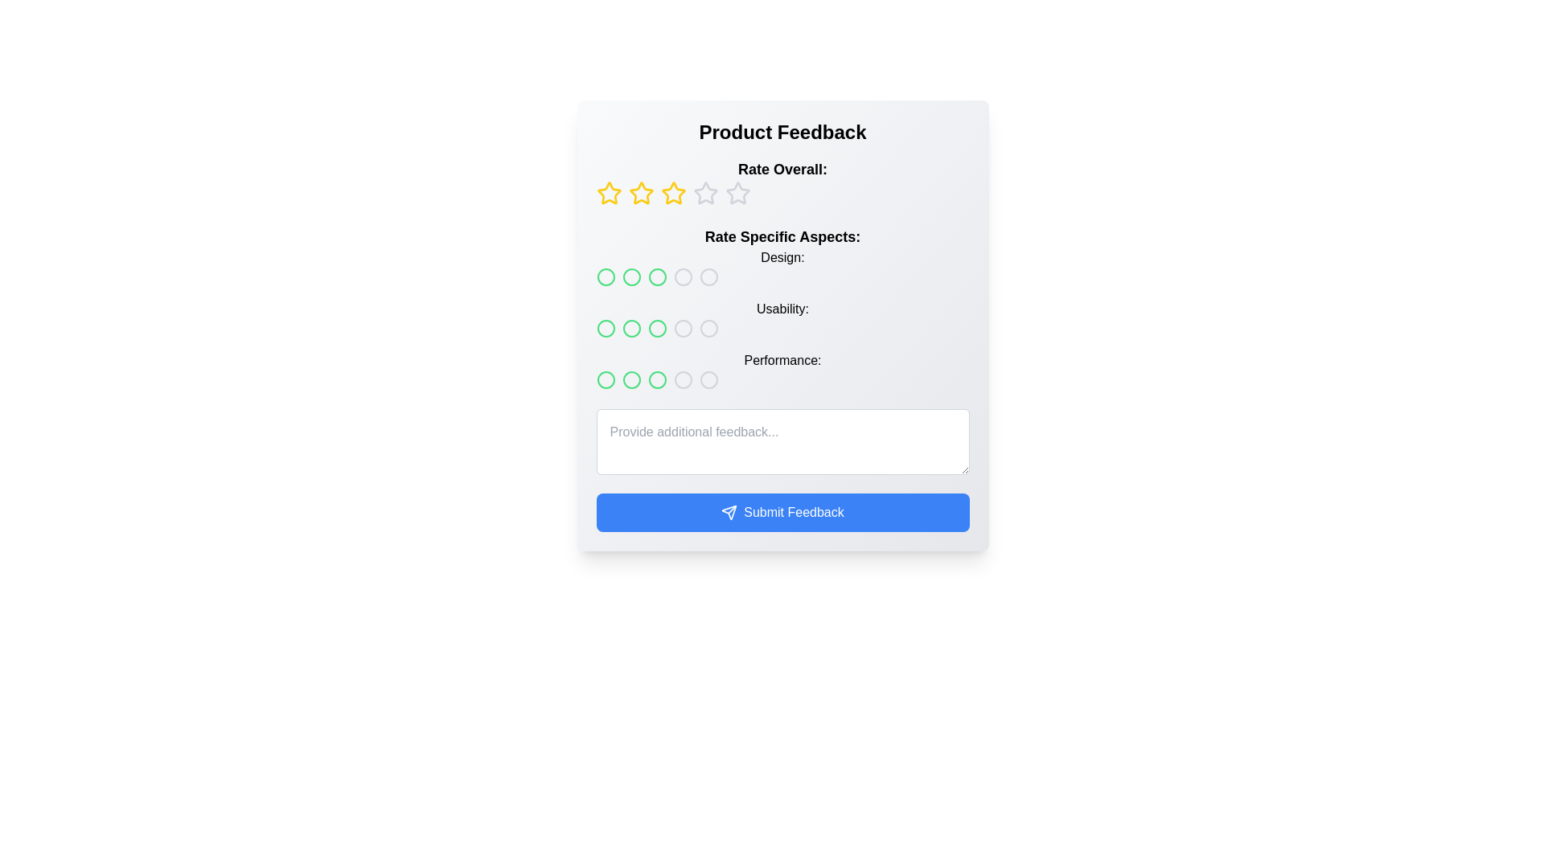  I want to click on the Header text that provides context for the feedback section, which is centrally located at the top of the layout, so click(782, 132).